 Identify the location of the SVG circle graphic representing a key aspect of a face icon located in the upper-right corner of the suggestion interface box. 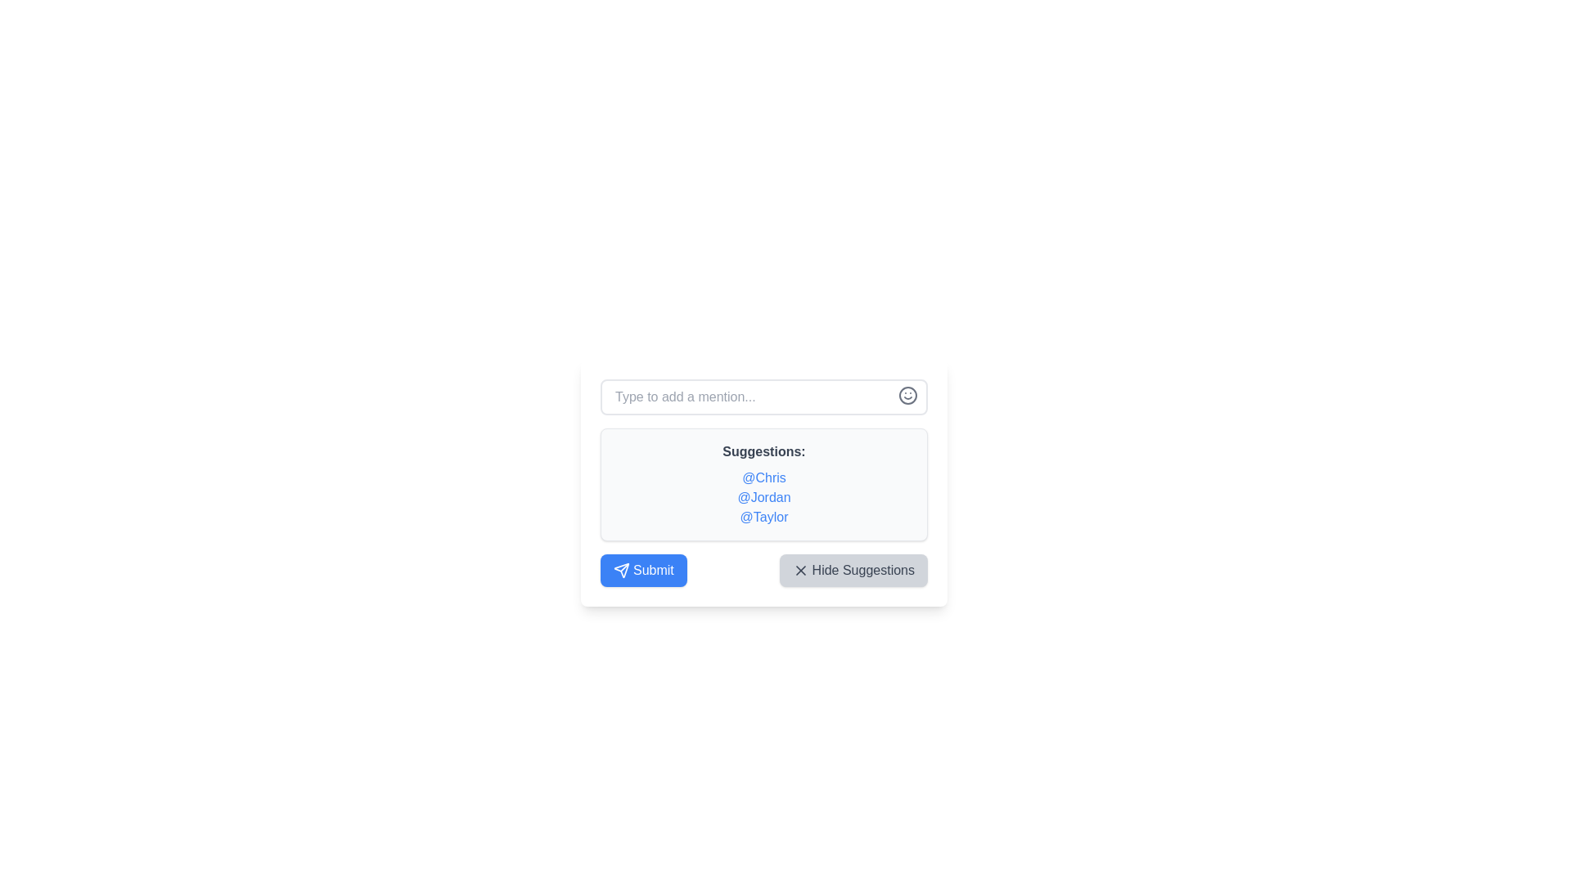
(907, 395).